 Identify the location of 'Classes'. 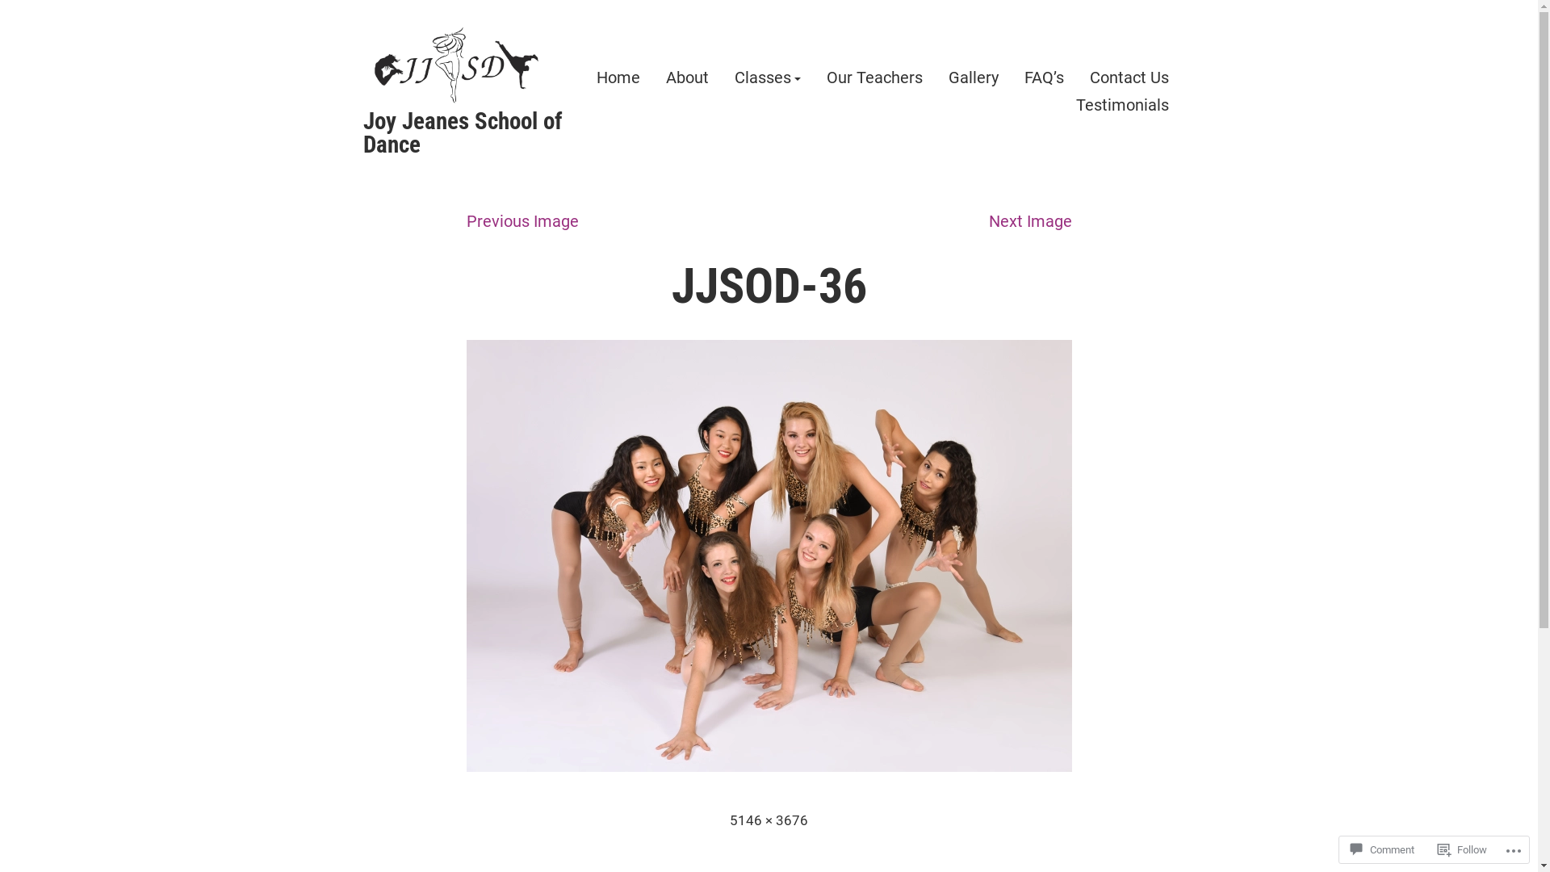
(766, 78).